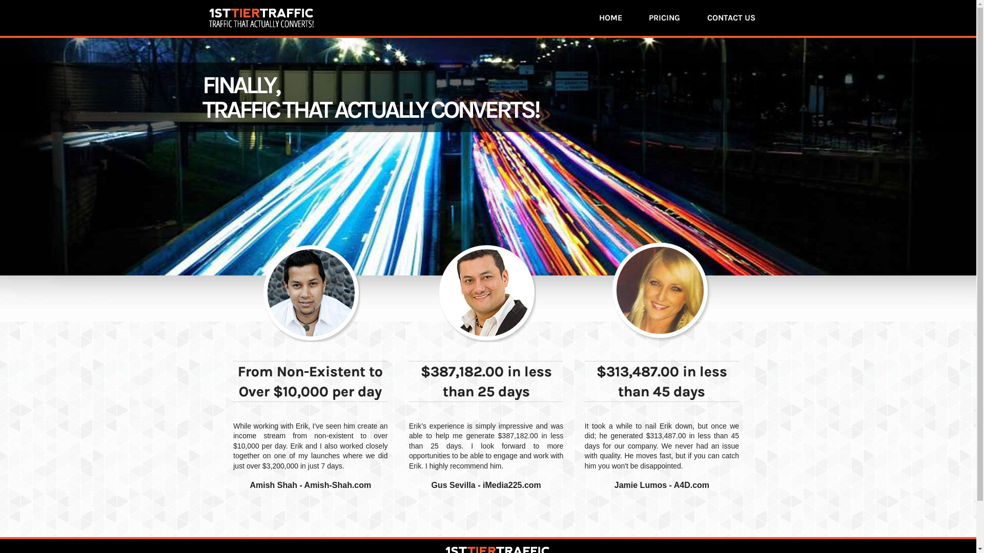 This screenshot has height=553, width=984. I want to click on 'CONTACT US', so click(730, 17).